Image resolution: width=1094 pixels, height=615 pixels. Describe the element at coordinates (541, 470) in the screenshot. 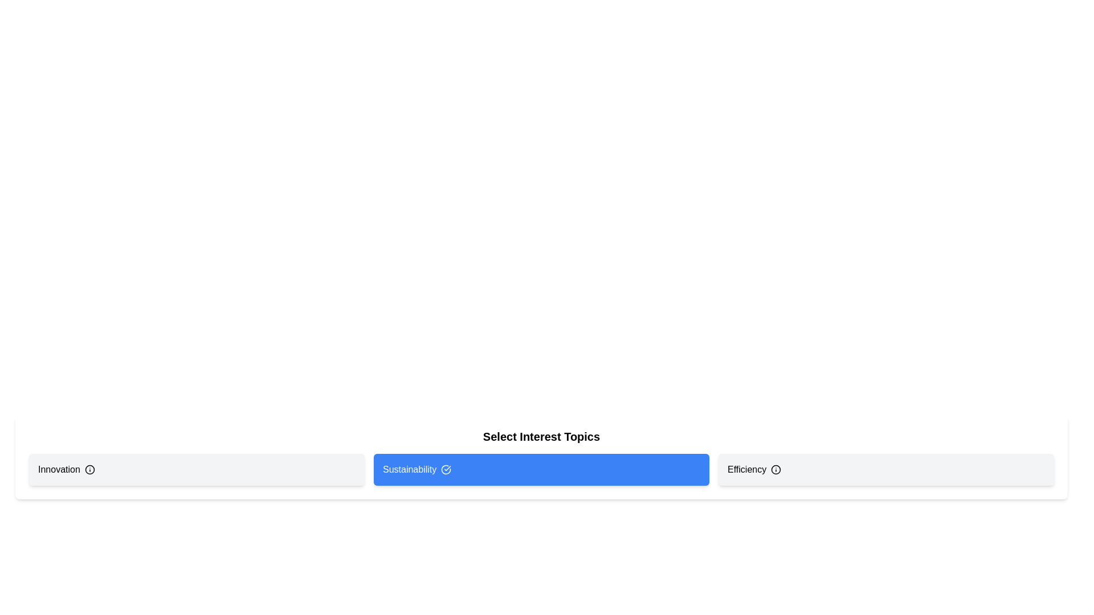

I see `the tag Sustainability to observe its hover state or tooltip` at that location.